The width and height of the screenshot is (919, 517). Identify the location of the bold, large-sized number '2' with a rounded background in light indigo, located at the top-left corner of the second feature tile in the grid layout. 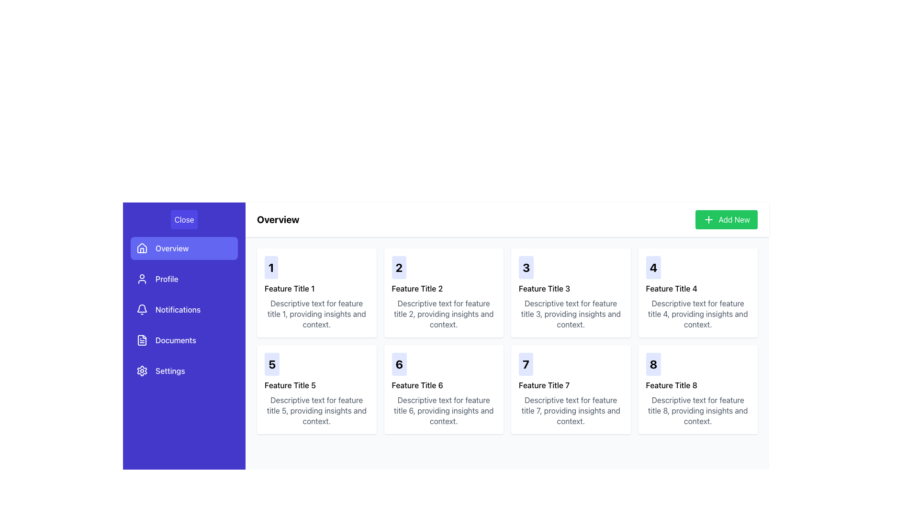
(399, 268).